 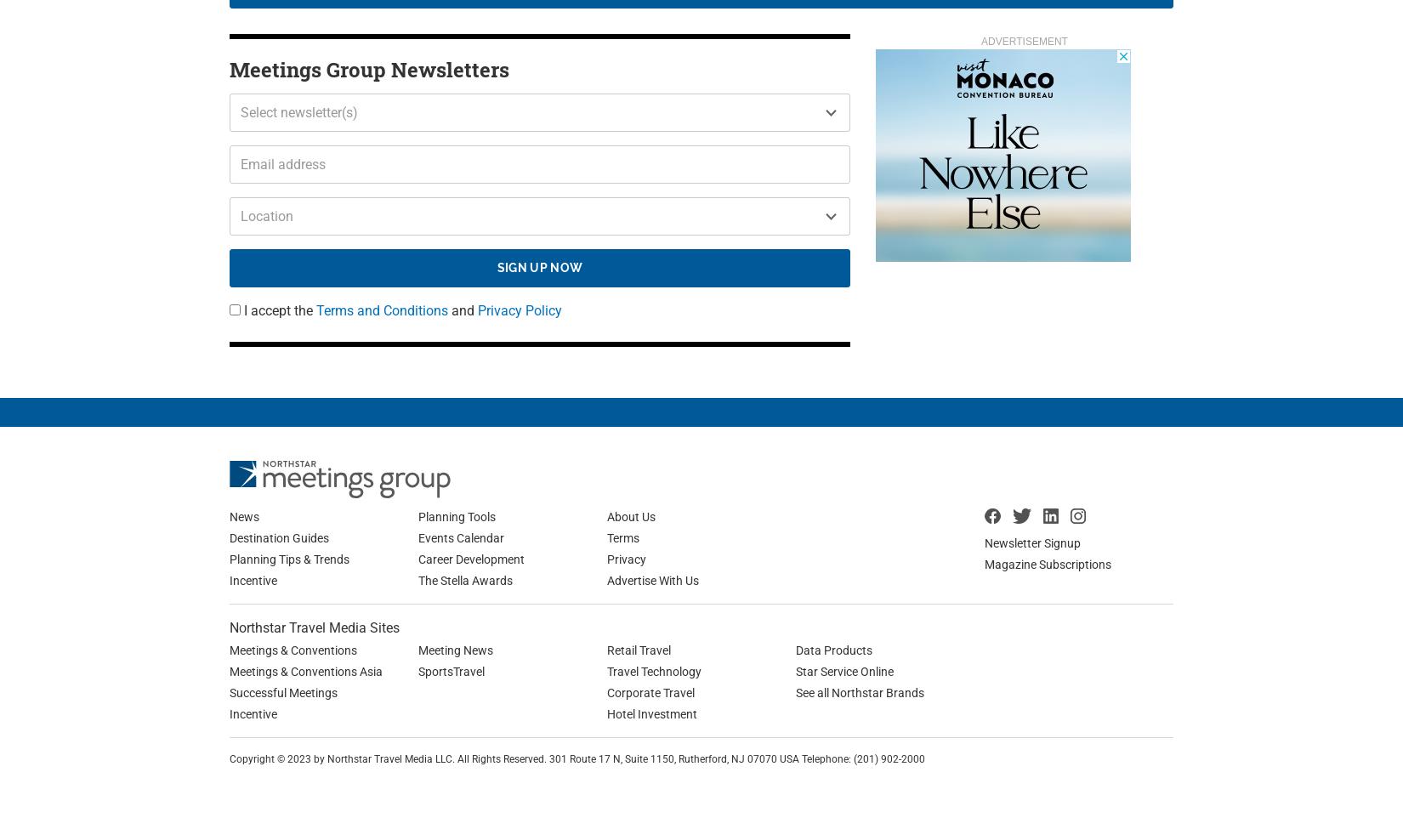 I want to click on 'Retail Travel', so click(x=638, y=649).